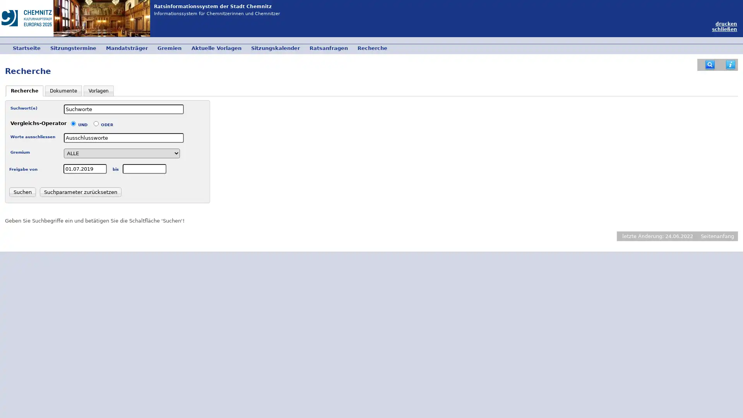 The height and width of the screenshot is (418, 743). I want to click on Suchen, so click(22, 192).